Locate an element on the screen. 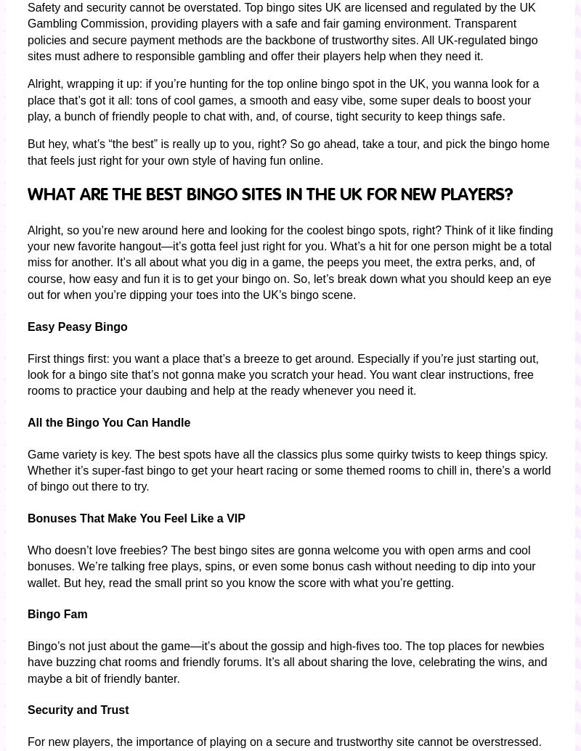 The image size is (581, 751). 'Alright, so you’re new around here and looking for the coolest bingo spots, right? Think of it like finding your new favorite hangout—it’s gotta feel just right for you. What’s a hit for one person might be a total miss for another. It’s all about what you dig in a game, the peeps you meet, the extra perks, and, of course, how easy and fun it is to get your bingo on. So, let’s break down what you should keep an eye out for when you’re dipping your toes into the UK’s bingo scene.' is located at coordinates (289, 262).